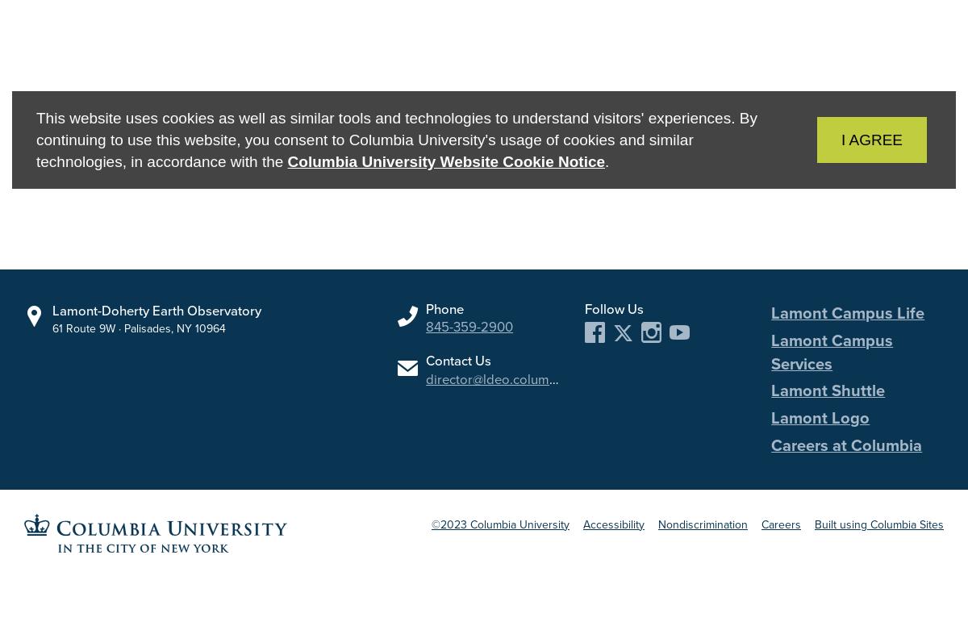 The height and width of the screenshot is (618, 968). Describe the element at coordinates (828, 390) in the screenshot. I see `'Lamont Shuttle'` at that location.